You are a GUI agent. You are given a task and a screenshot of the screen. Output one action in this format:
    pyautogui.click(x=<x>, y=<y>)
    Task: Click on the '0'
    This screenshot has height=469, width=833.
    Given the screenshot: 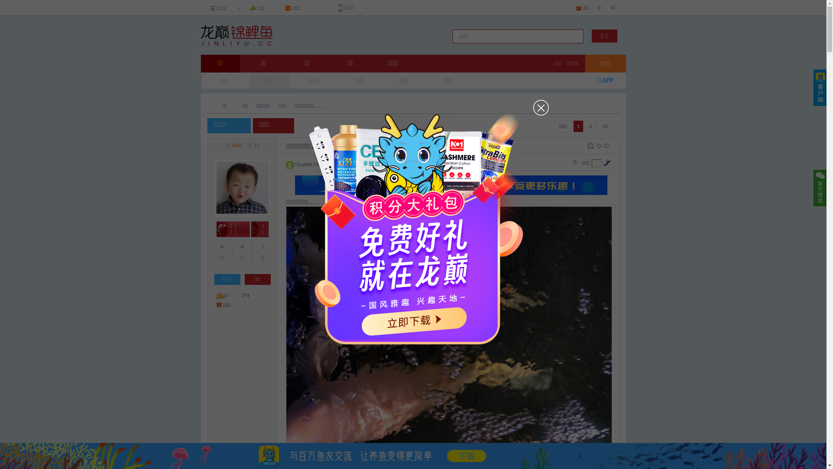 What is the action you would take?
    pyautogui.click(x=222, y=246)
    